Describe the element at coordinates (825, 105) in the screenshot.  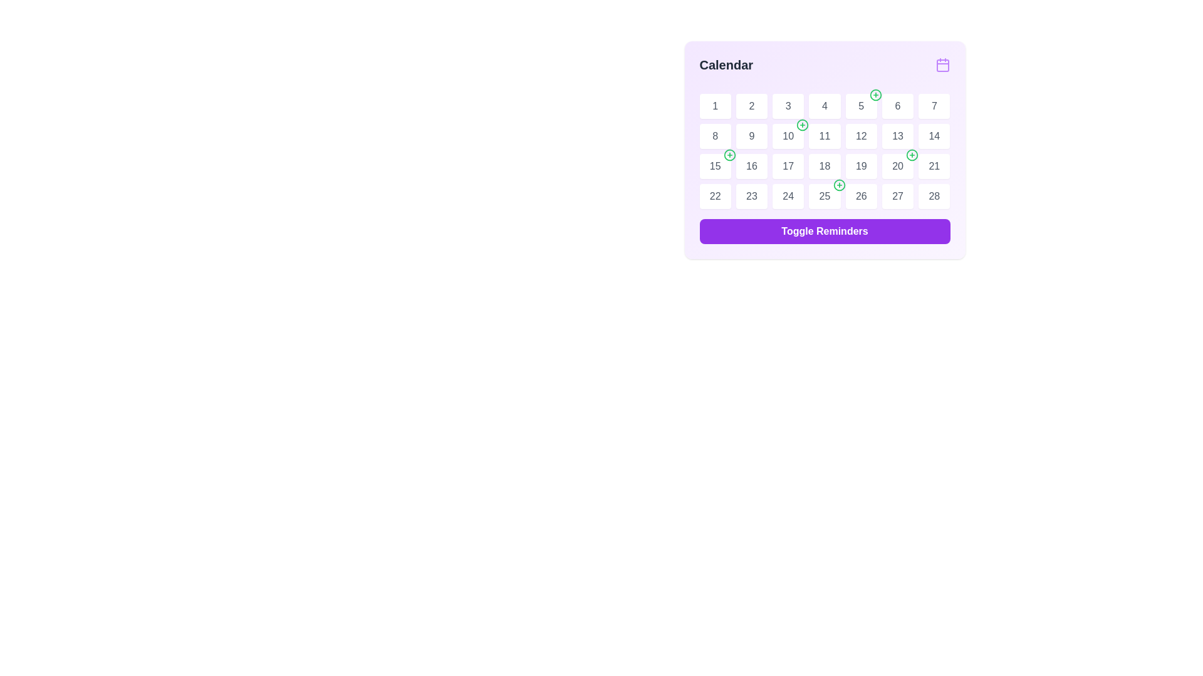
I see `the text label displaying the number '4' in gray color within the calendar interface, located at the first row, fourth column of the calendar grid` at that location.